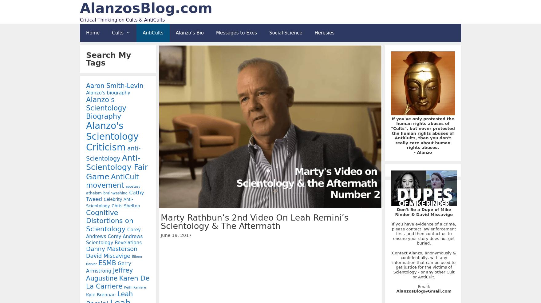 The height and width of the screenshot is (303, 541). What do you see at coordinates (86, 266) in the screenshot?
I see `'Gerry Armstrong'` at bounding box center [86, 266].